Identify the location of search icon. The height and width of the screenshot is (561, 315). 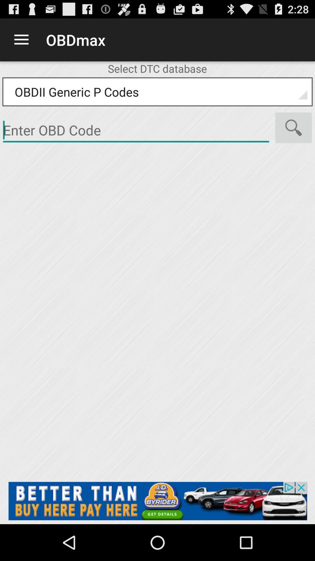
(293, 127).